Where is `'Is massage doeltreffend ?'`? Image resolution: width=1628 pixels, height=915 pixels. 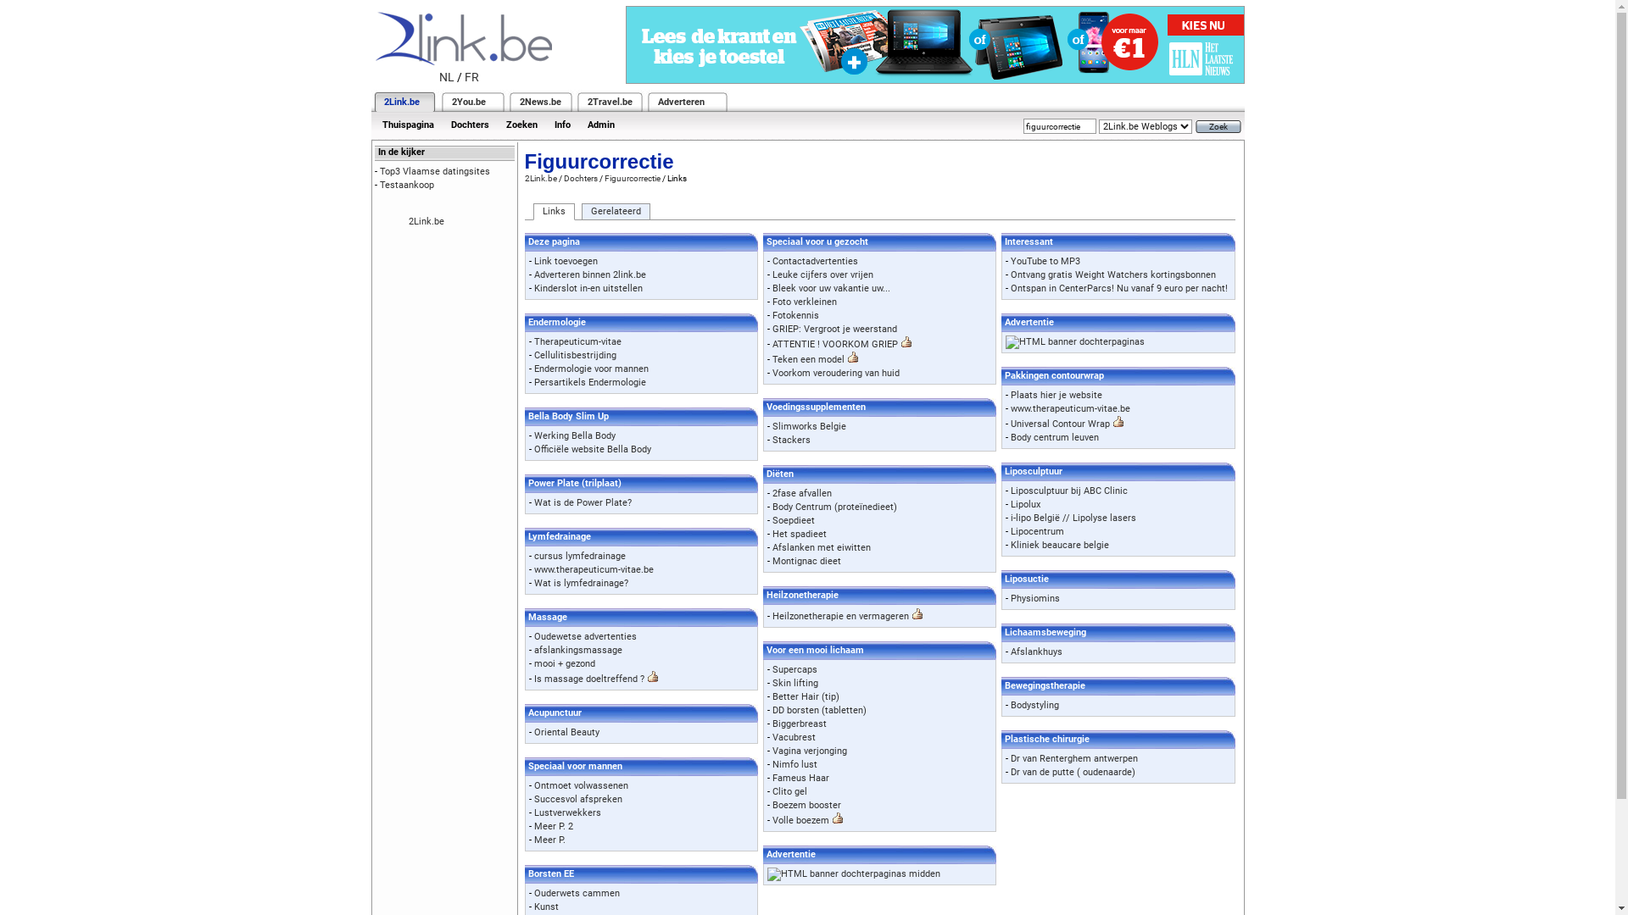
'Is massage doeltreffend ?' is located at coordinates (589, 678).